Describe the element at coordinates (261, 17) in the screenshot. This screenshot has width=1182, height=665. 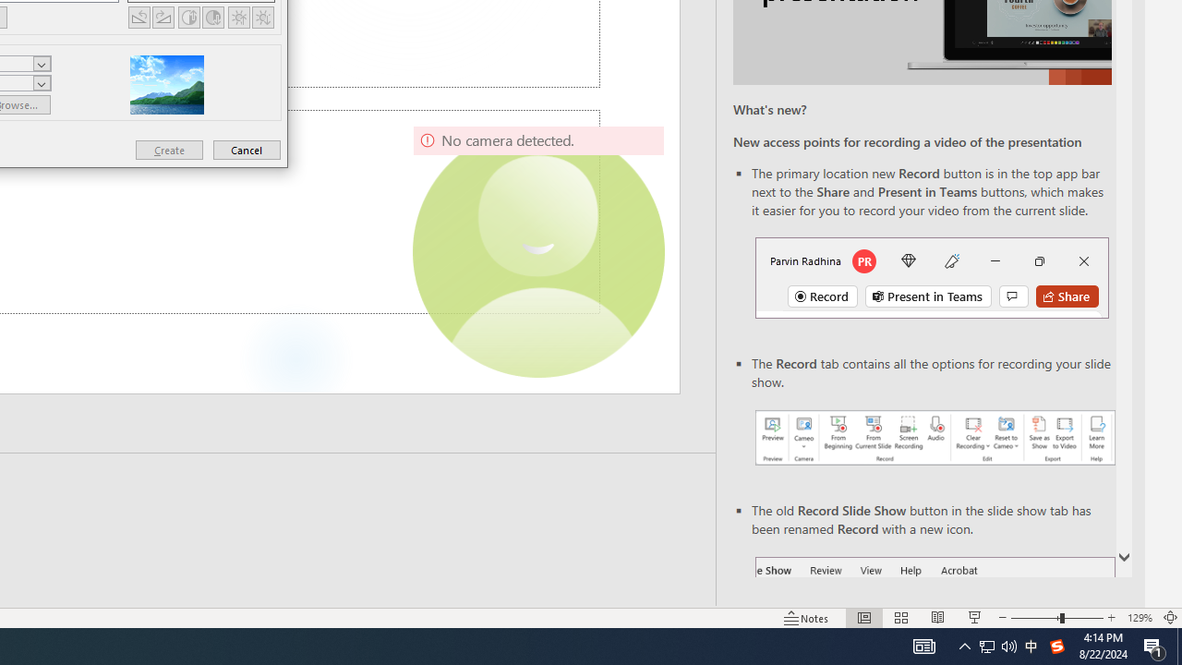
I see `'Less Brightness'` at that location.